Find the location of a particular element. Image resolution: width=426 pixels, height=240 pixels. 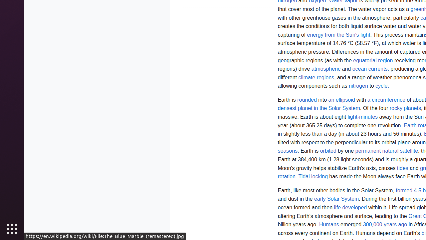

'an ellipsoid' is located at coordinates (341, 100).